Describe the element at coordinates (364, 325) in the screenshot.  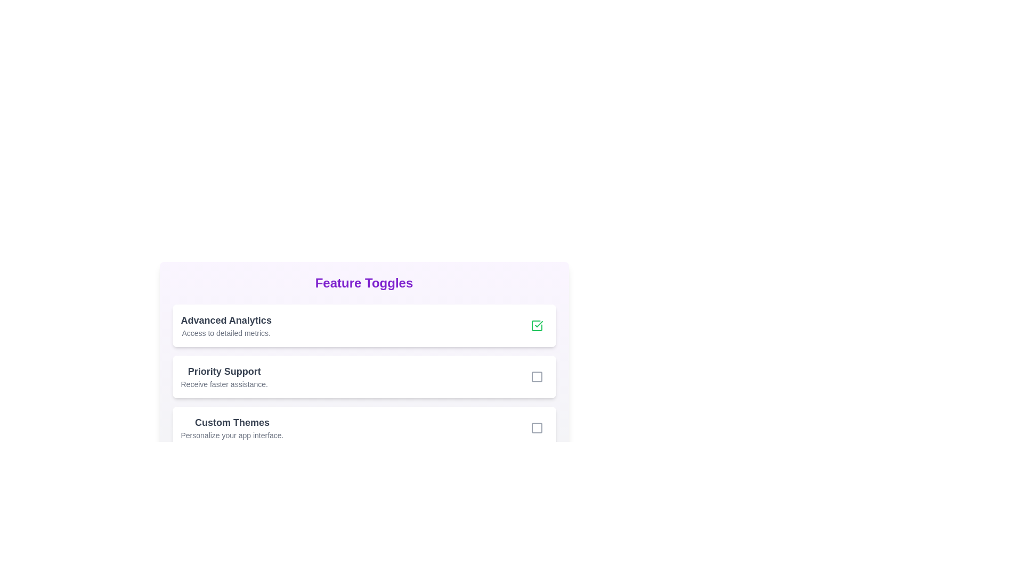
I see `title 'Advanced Analytics' and the description 'Access to detailed metrics.' from the feature toggle section at the top of the list` at that location.